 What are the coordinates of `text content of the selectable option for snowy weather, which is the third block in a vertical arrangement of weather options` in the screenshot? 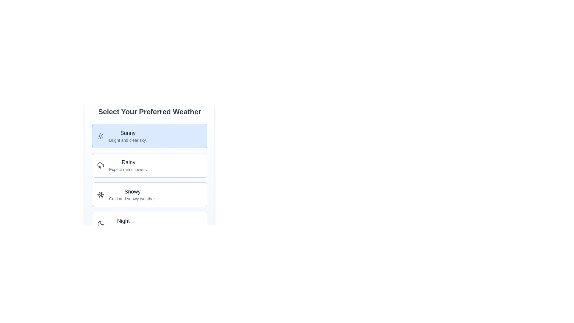 It's located at (149, 195).